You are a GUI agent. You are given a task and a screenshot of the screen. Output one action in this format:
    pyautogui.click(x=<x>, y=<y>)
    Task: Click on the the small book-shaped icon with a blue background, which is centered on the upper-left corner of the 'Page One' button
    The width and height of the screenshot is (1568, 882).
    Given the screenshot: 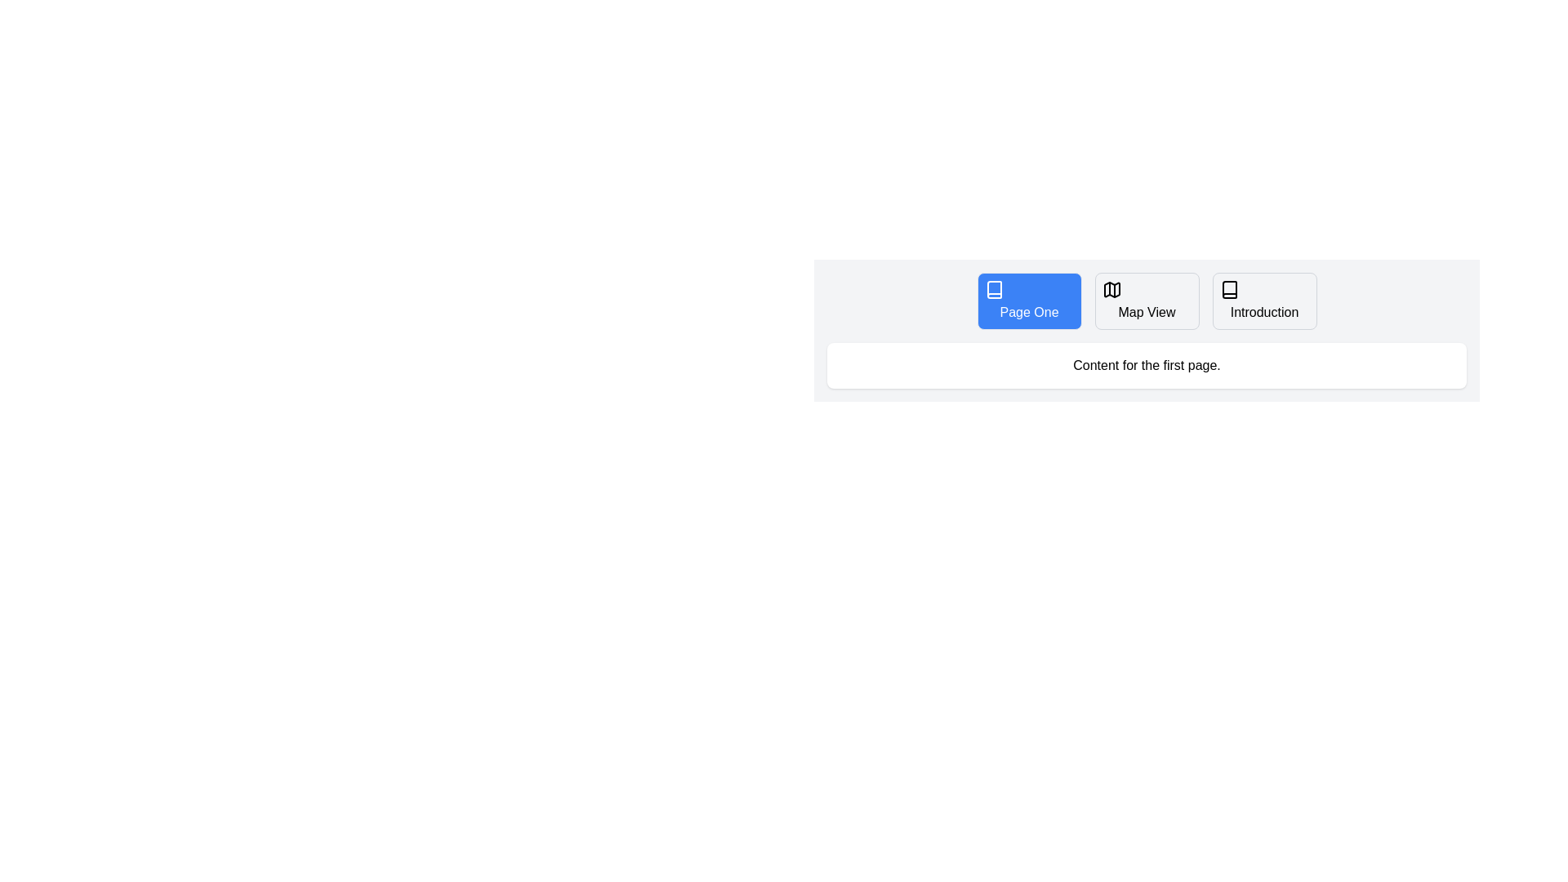 What is the action you would take?
    pyautogui.click(x=993, y=288)
    